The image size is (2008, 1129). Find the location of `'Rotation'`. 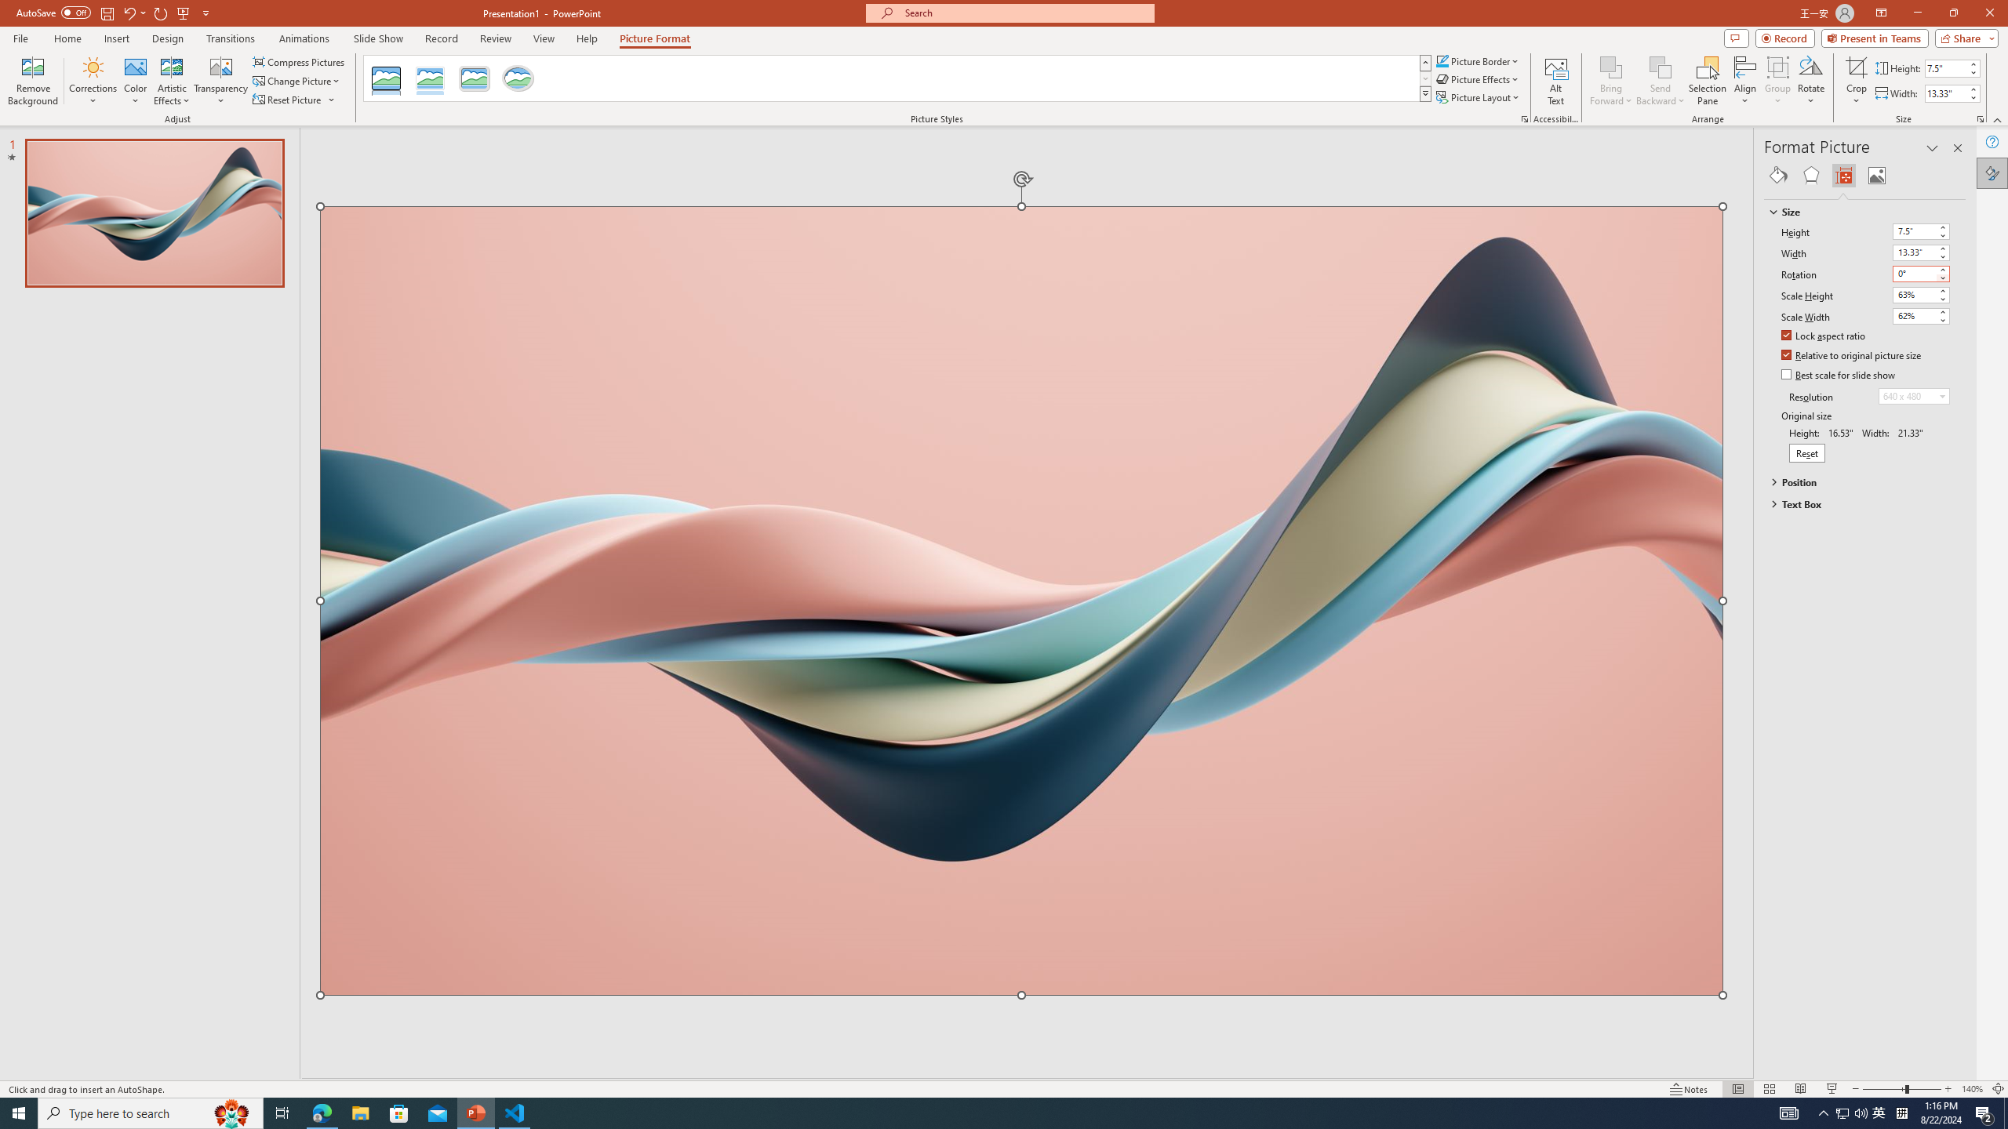

'Rotation' is located at coordinates (1913, 273).